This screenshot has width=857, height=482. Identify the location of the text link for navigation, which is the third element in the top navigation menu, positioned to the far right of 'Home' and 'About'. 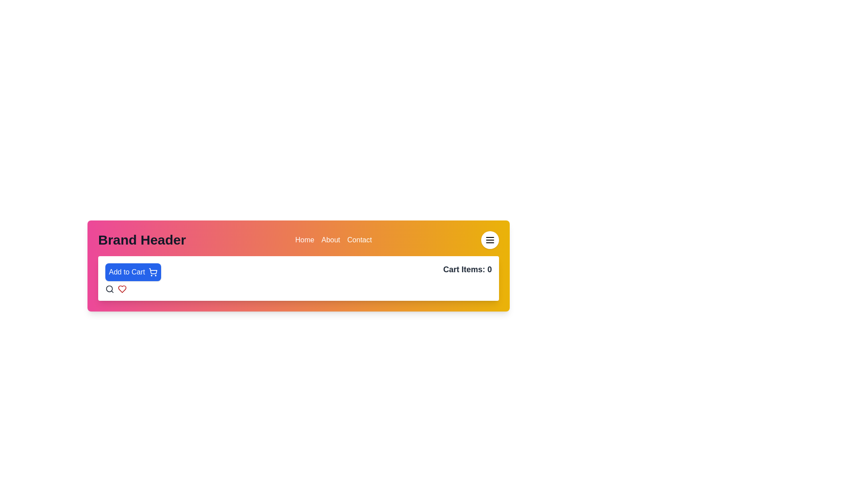
(359, 239).